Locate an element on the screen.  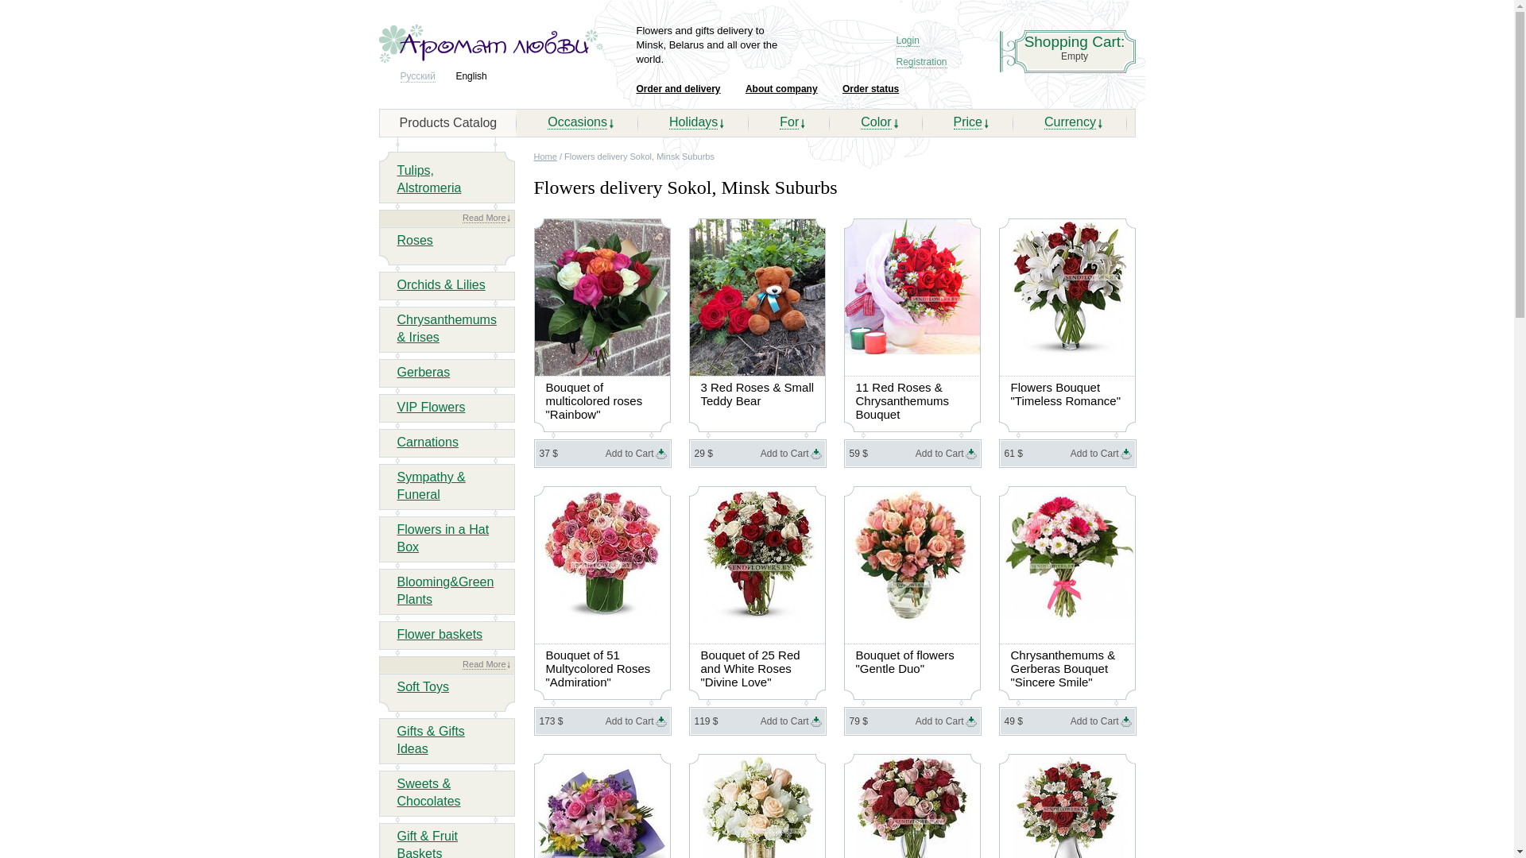
'Chrysanthemums & Irises' is located at coordinates (446, 327).